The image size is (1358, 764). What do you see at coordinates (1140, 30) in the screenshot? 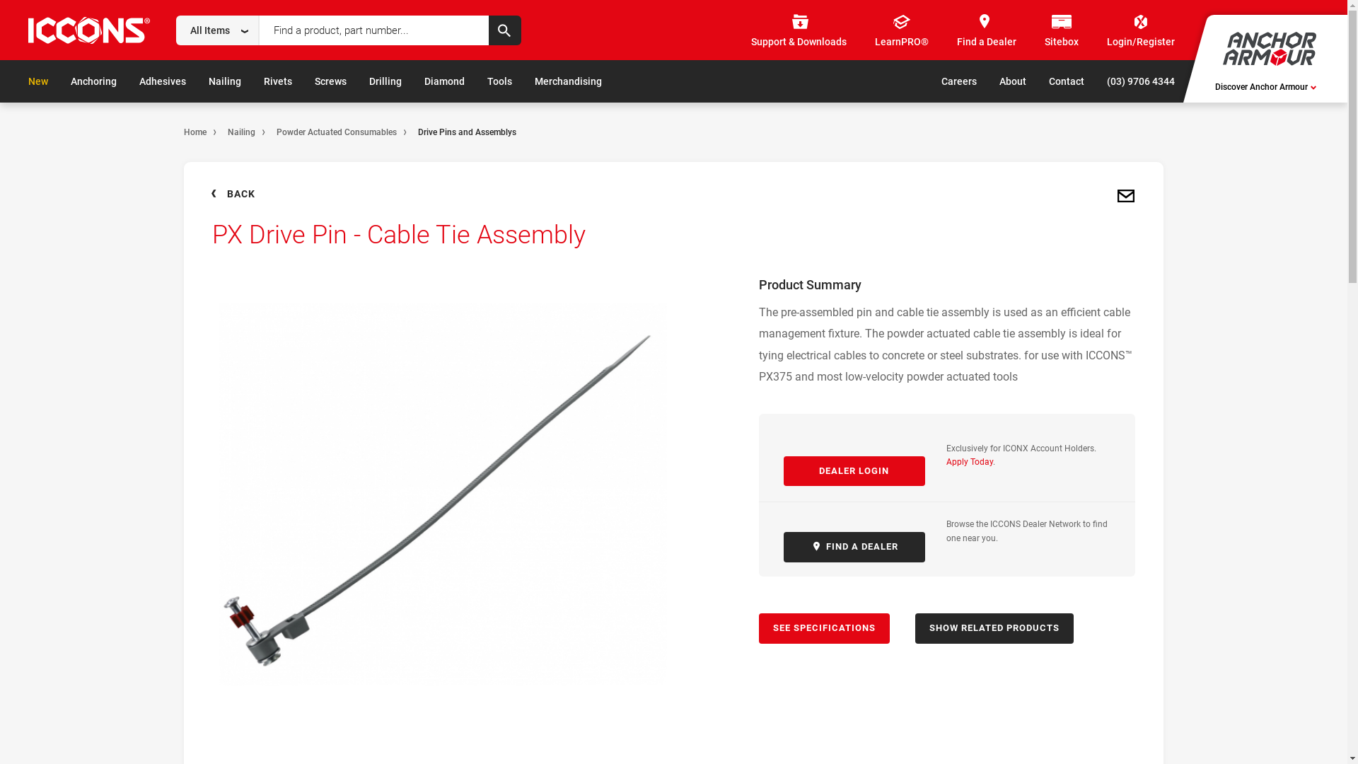
I see `'Login/Register'` at bounding box center [1140, 30].